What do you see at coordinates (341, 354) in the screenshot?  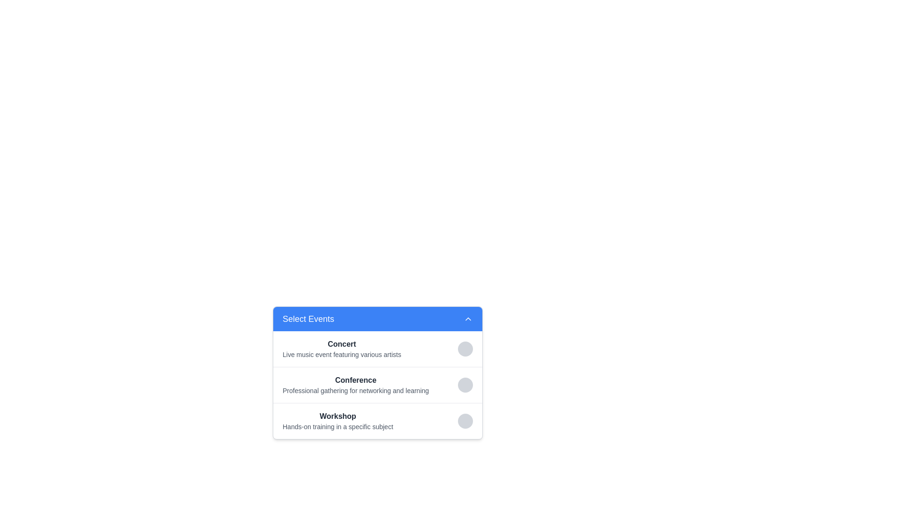 I see `the text label that reads 'Live music event featuring various artists', which is positioned below the bold title 'Concert'` at bounding box center [341, 354].